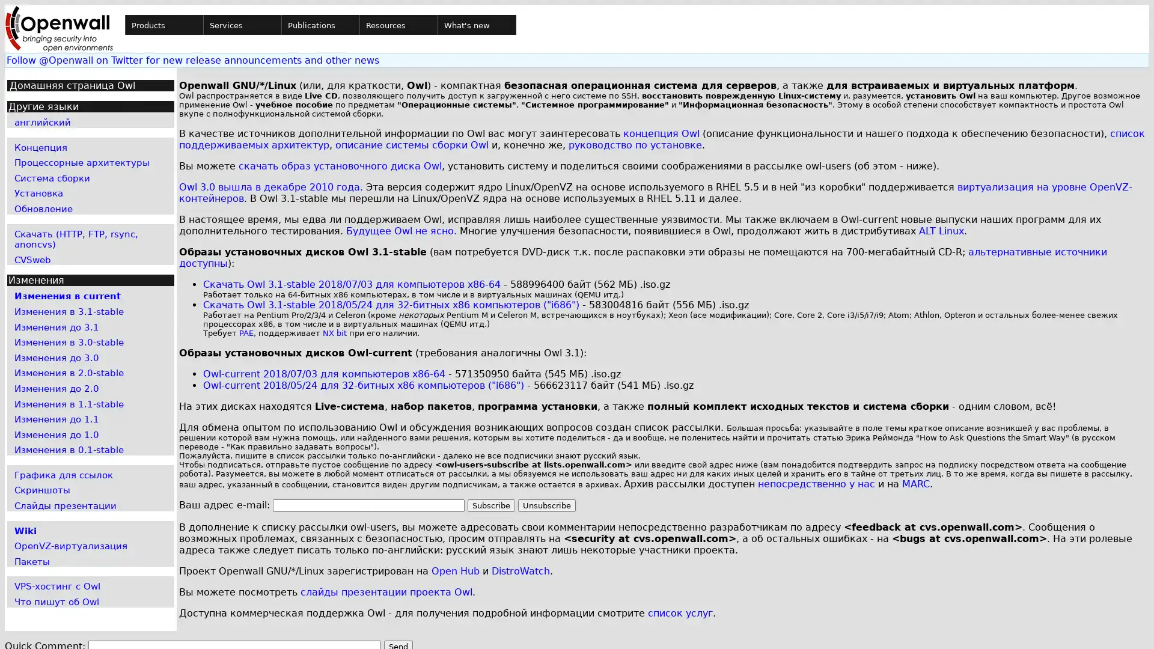 The width and height of the screenshot is (1154, 649). What do you see at coordinates (490, 505) in the screenshot?
I see `Subscribe` at bounding box center [490, 505].